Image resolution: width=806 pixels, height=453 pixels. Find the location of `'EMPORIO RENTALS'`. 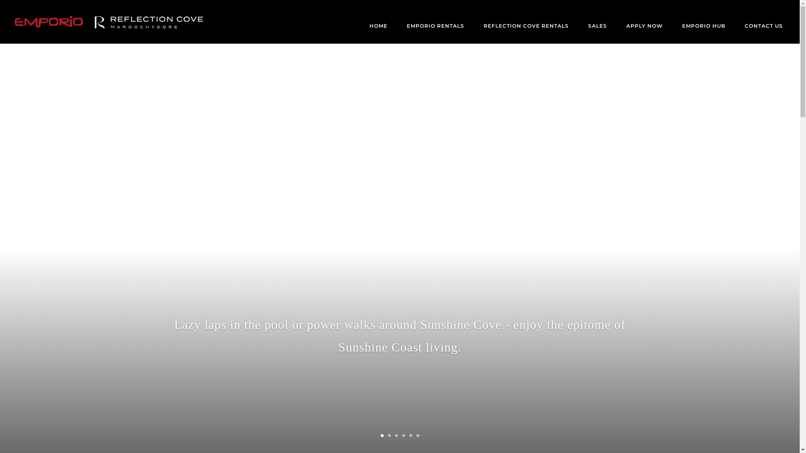

'EMPORIO RENTALS' is located at coordinates (435, 33).